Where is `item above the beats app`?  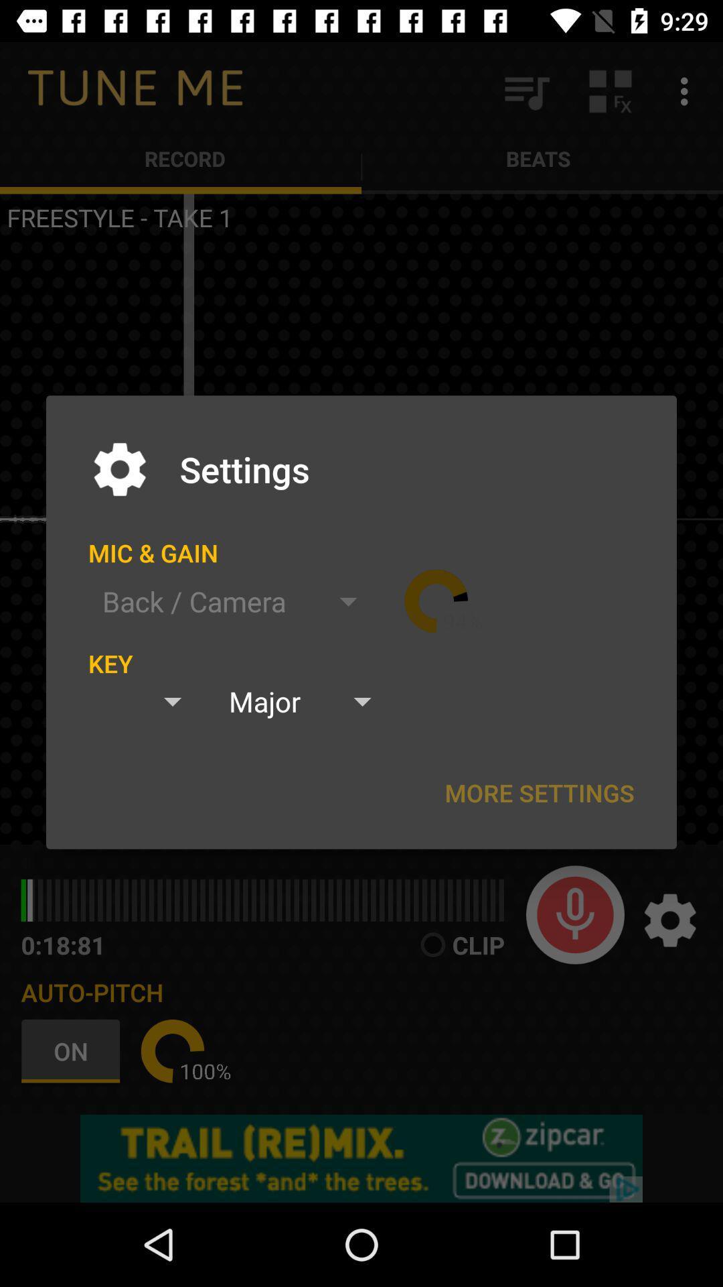
item above the beats app is located at coordinates (526, 90).